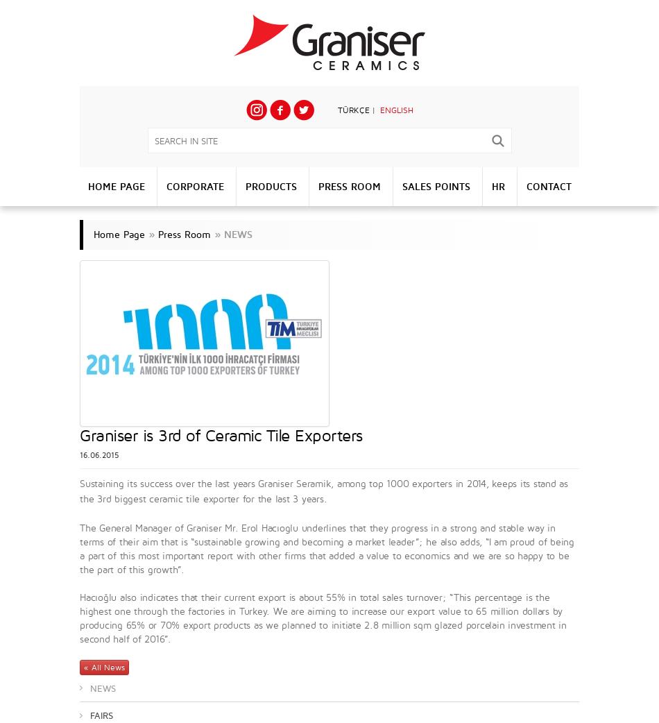 The width and height of the screenshot is (659, 723). I want to click on 'TÜRKÇE', so click(353, 110).